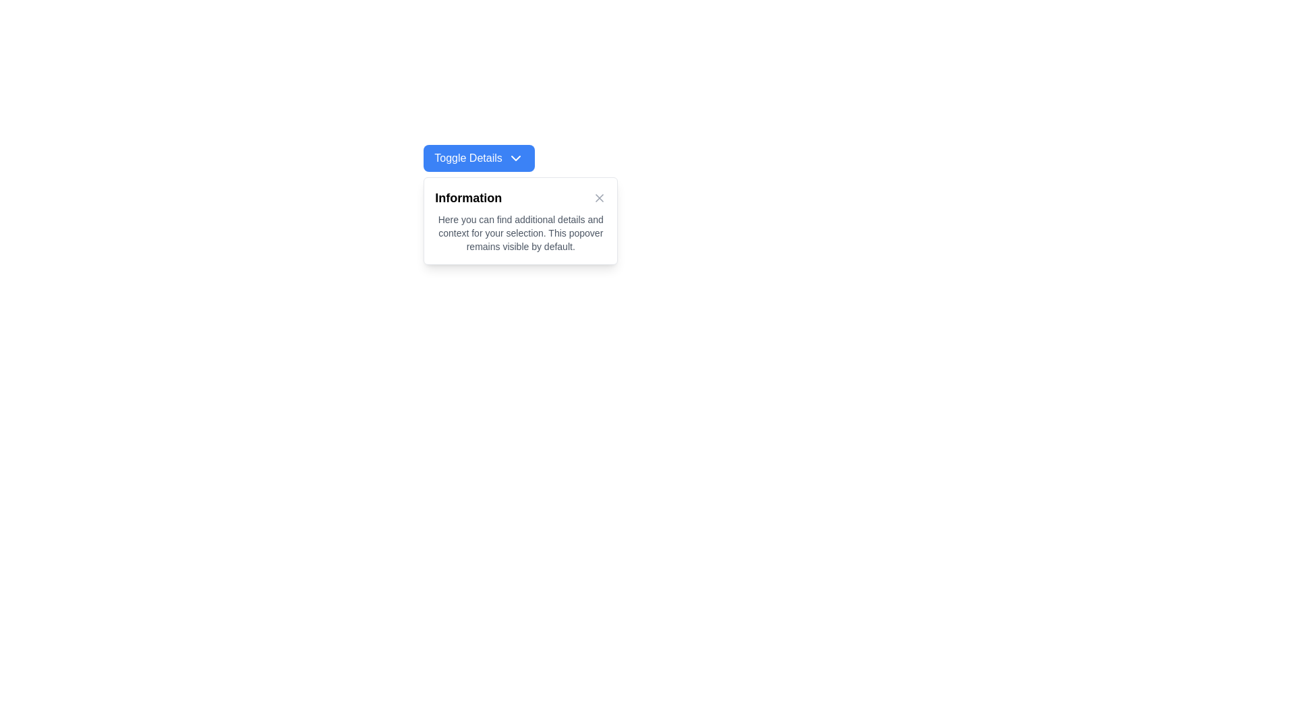 This screenshot has width=1295, height=728. Describe the element at coordinates (479, 158) in the screenshot. I see `the blue button labeled 'Toggle Details'` at that location.